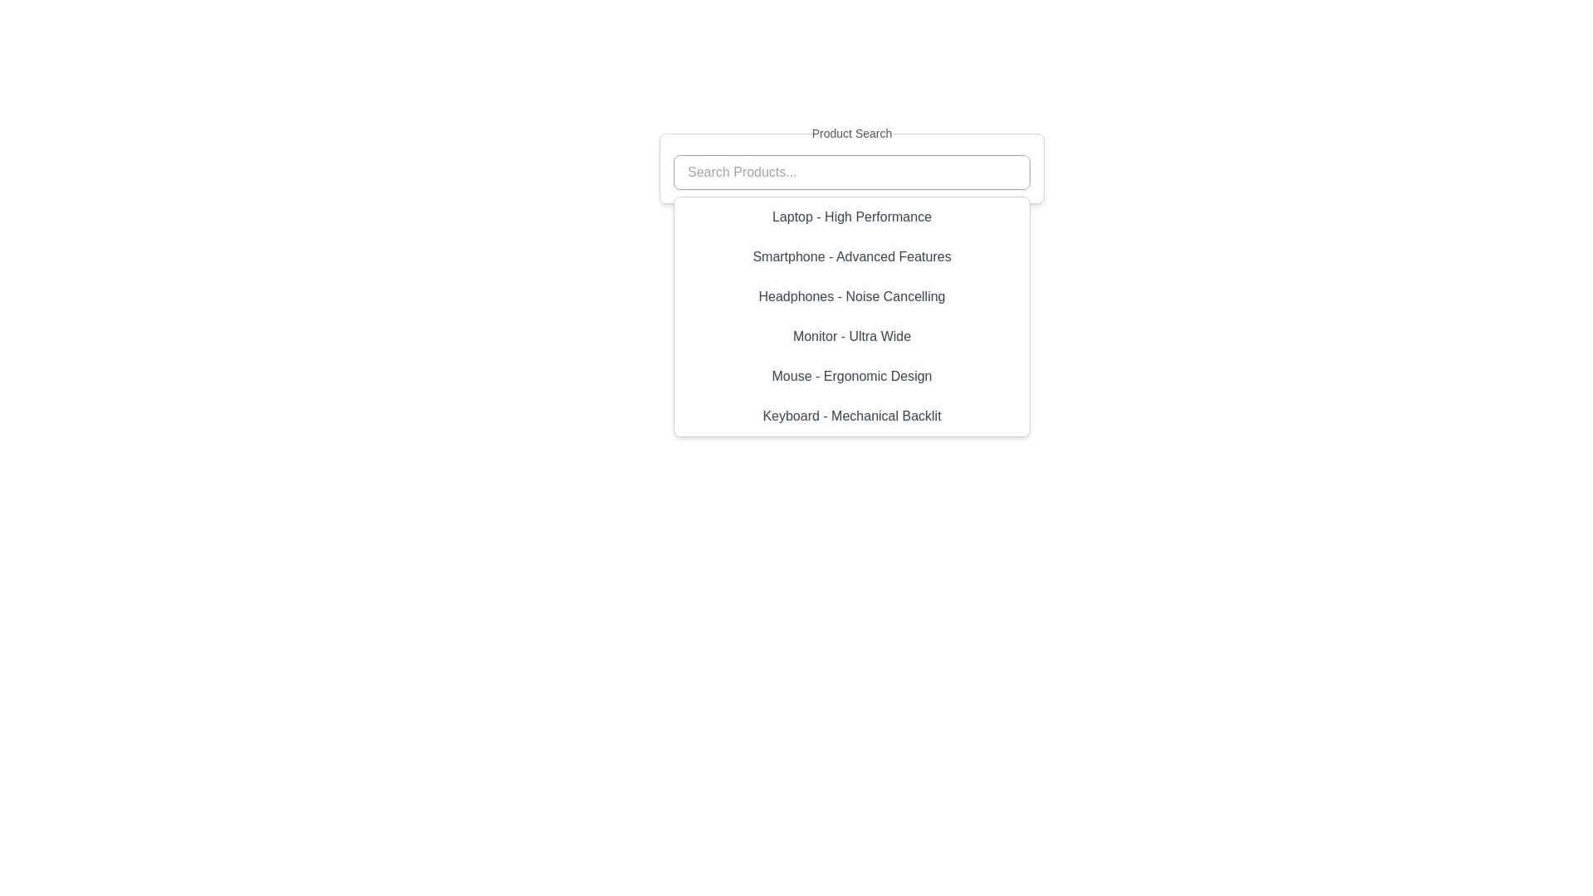 This screenshot has height=896, width=1593. What do you see at coordinates (852, 217) in the screenshot?
I see `the first option in the dropdown list labeled 'Product Search'` at bounding box center [852, 217].